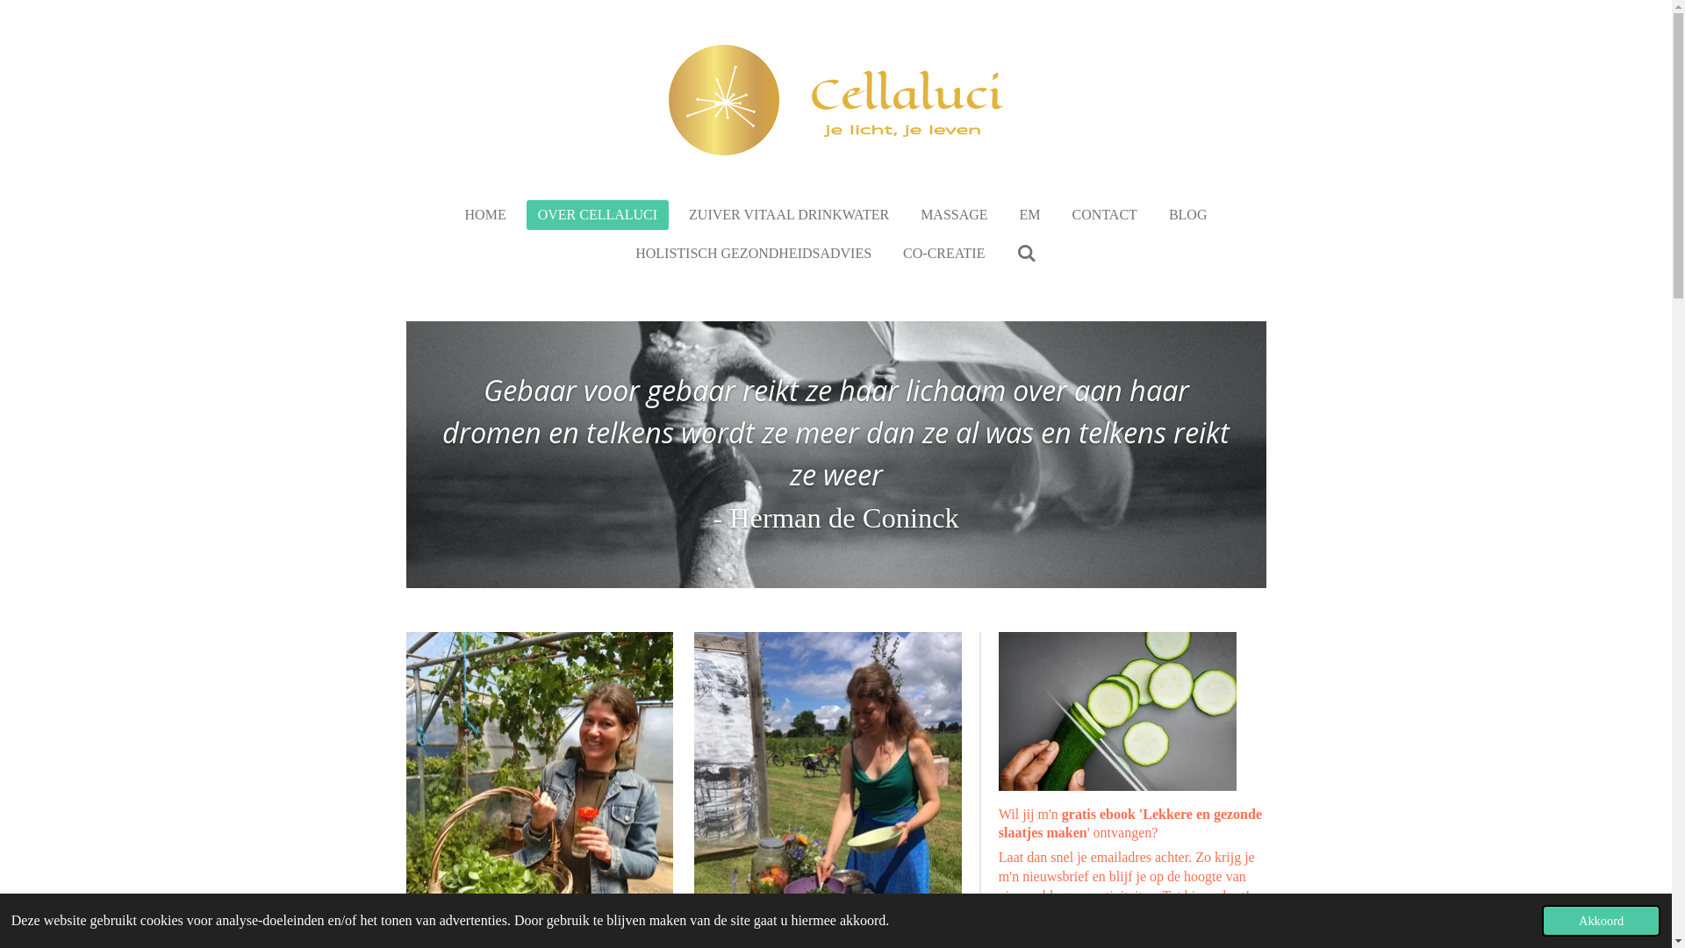 The width and height of the screenshot is (1685, 948). What do you see at coordinates (1030, 214) in the screenshot?
I see `'EM'` at bounding box center [1030, 214].